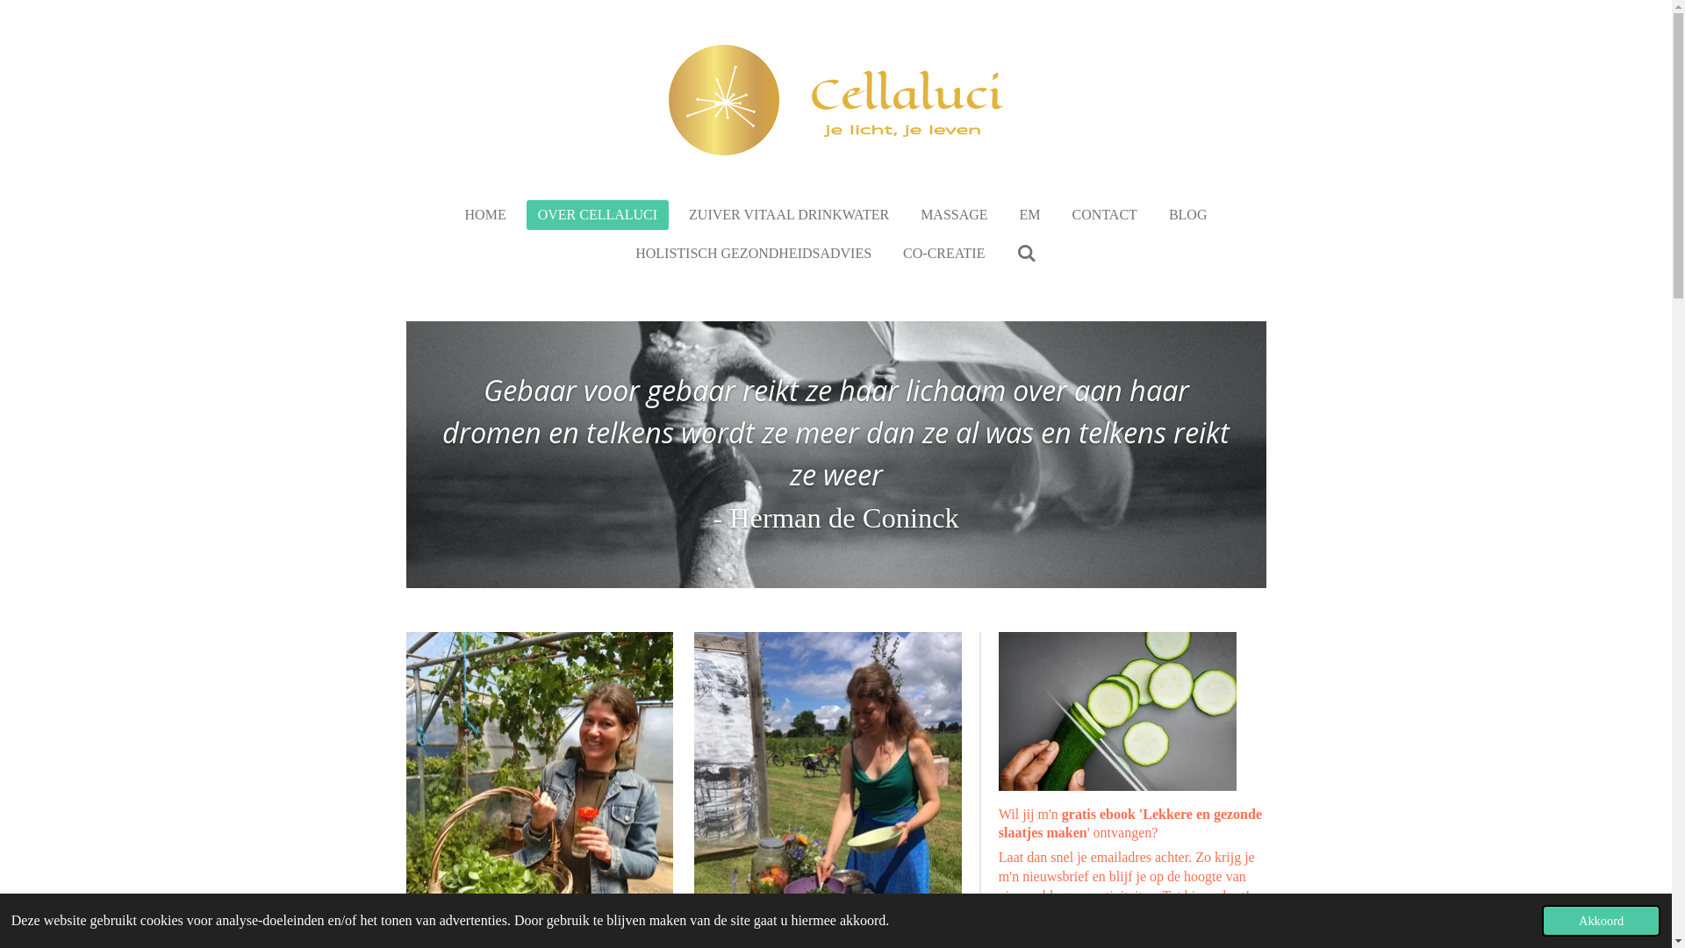 The width and height of the screenshot is (1685, 948). What do you see at coordinates (1030, 214) in the screenshot?
I see `'EM'` at bounding box center [1030, 214].